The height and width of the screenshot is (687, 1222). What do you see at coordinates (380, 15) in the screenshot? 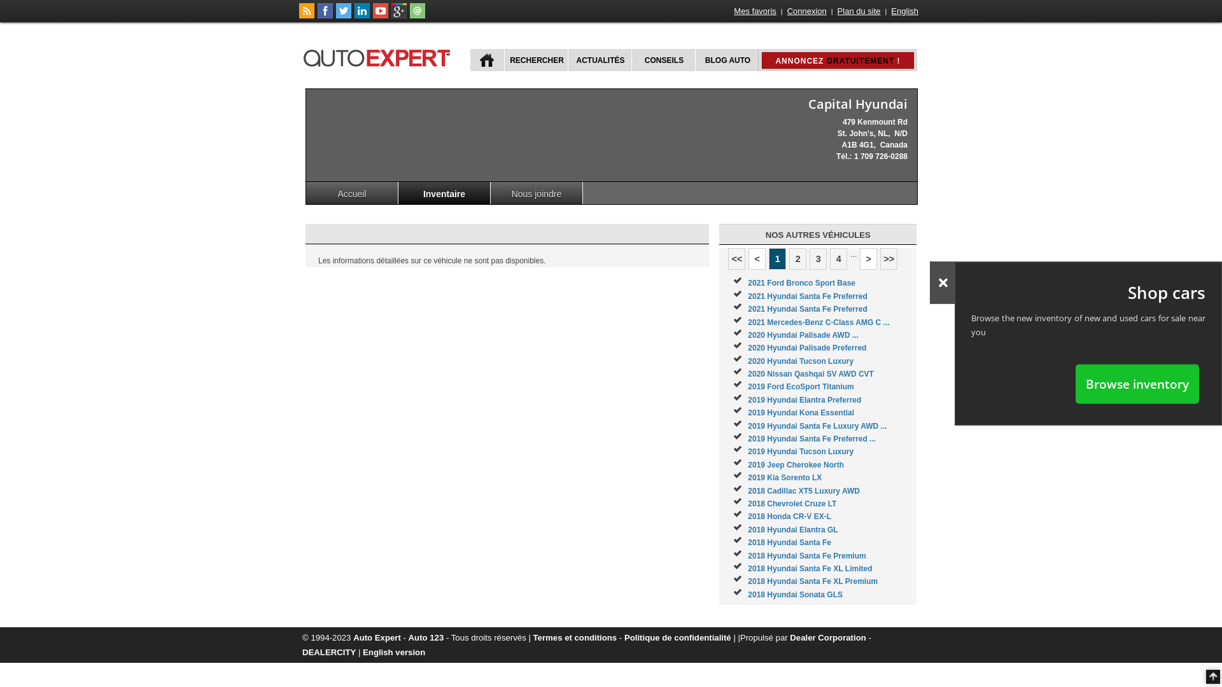
I see `'Suivez autoExpert.ca sur Youtube'` at bounding box center [380, 15].